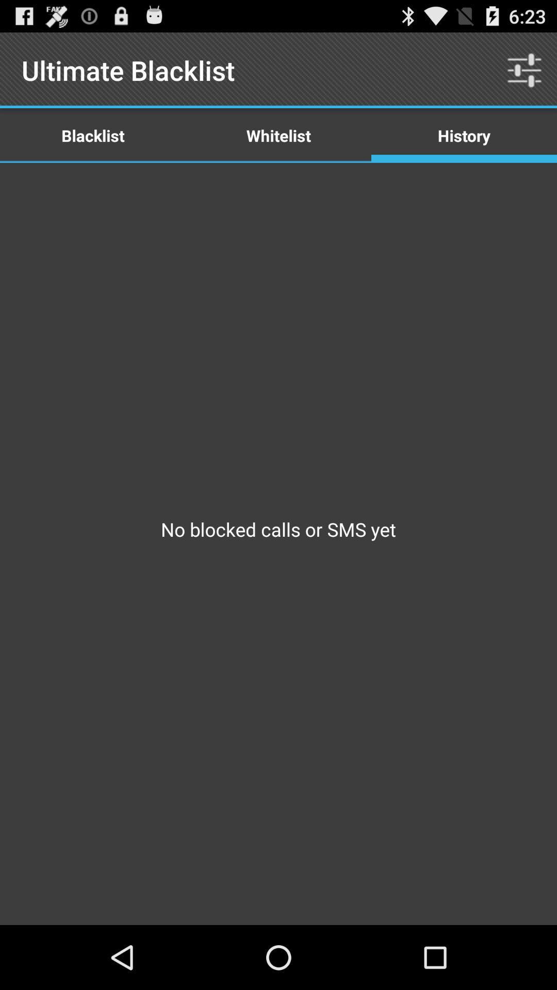  I want to click on the icon to the right of blacklist, so click(278, 135).